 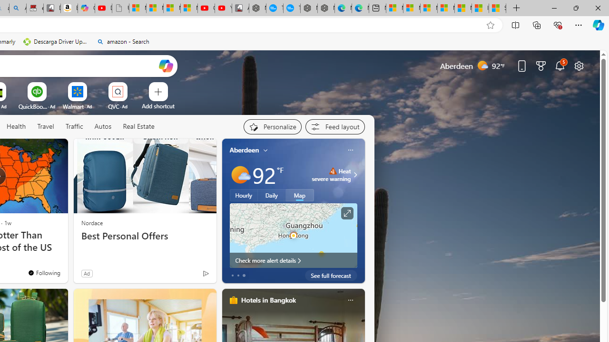 What do you see at coordinates (244, 150) in the screenshot?
I see `'Aberdeen'` at bounding box center [244, 150].